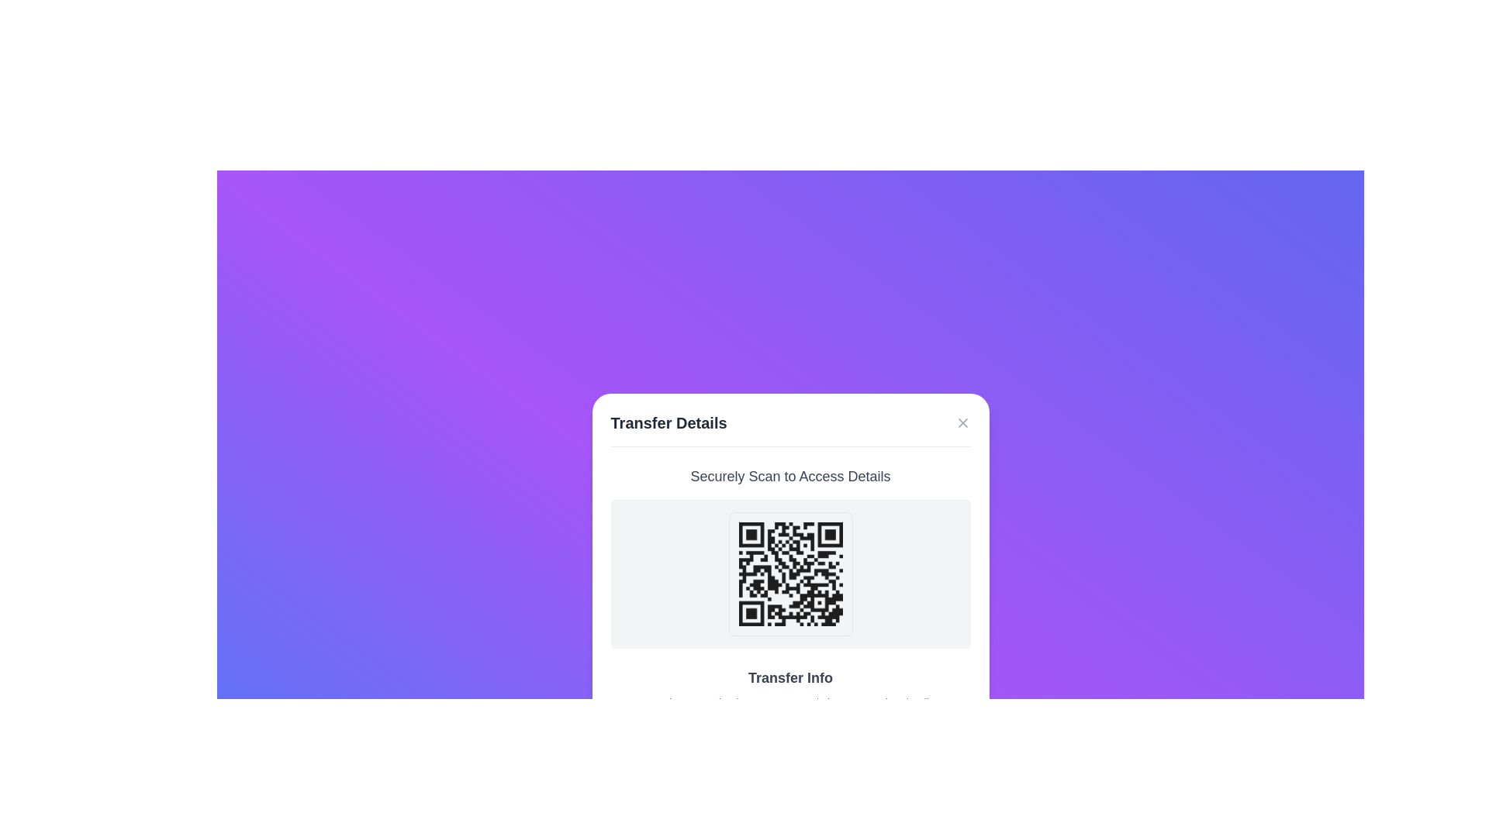 The image size is (1489, 837). I want to click on the close button in the top-right corner of the 'Transfer Details' card, so click(962, 422).